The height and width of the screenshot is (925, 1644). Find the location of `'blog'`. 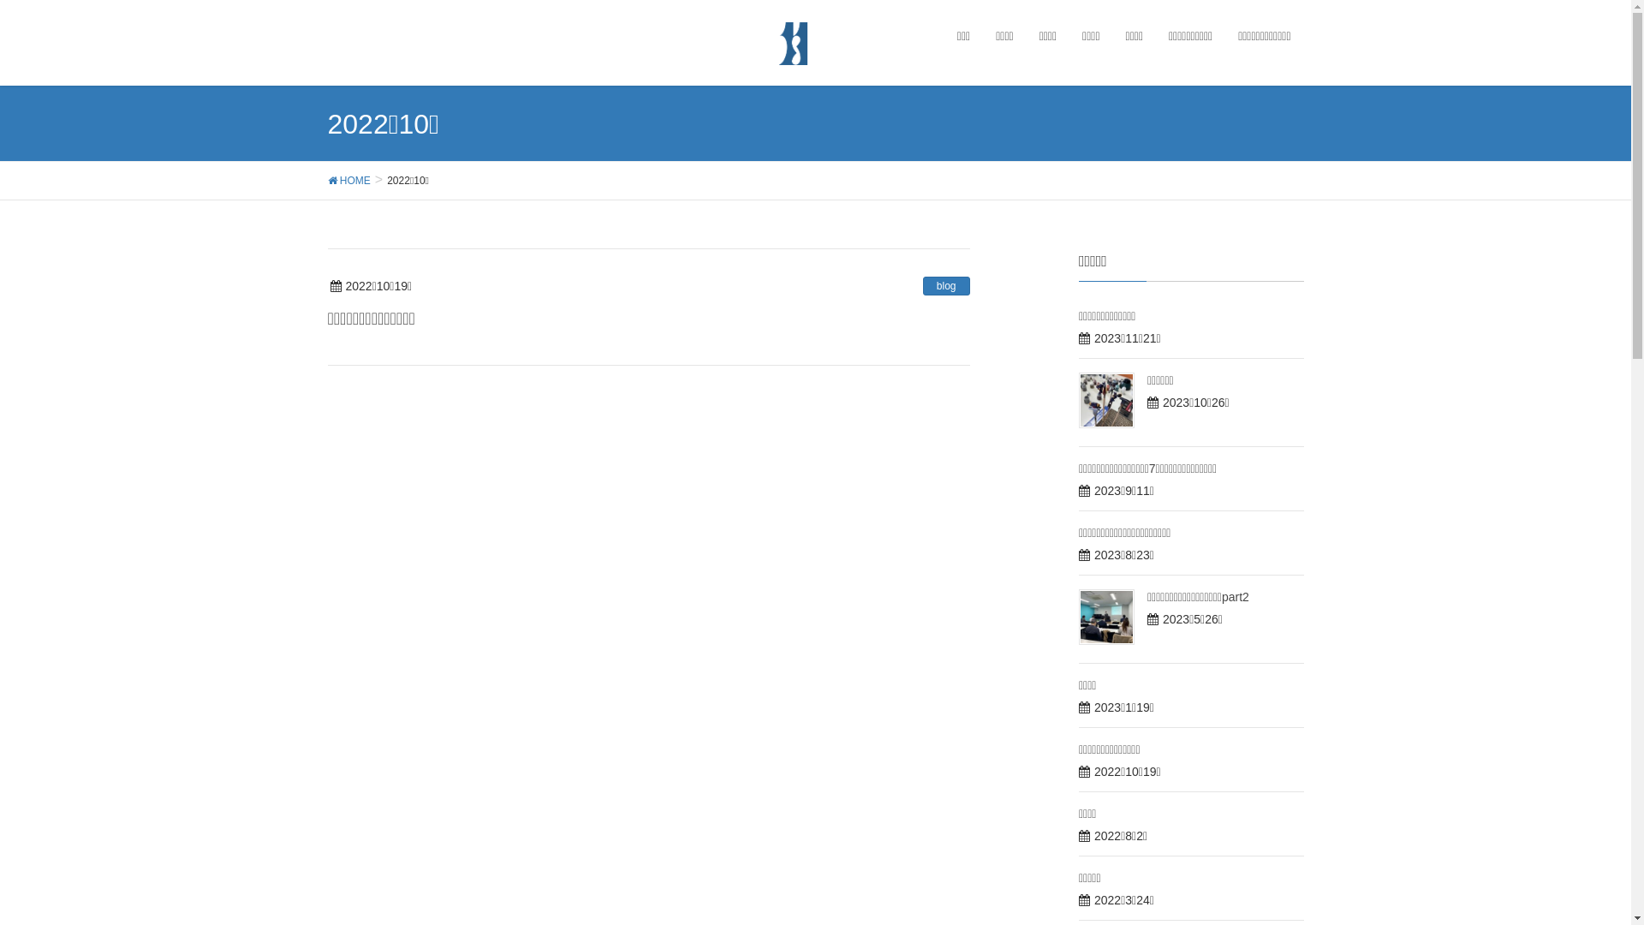

'blog' is located at coordinates (922, 285).